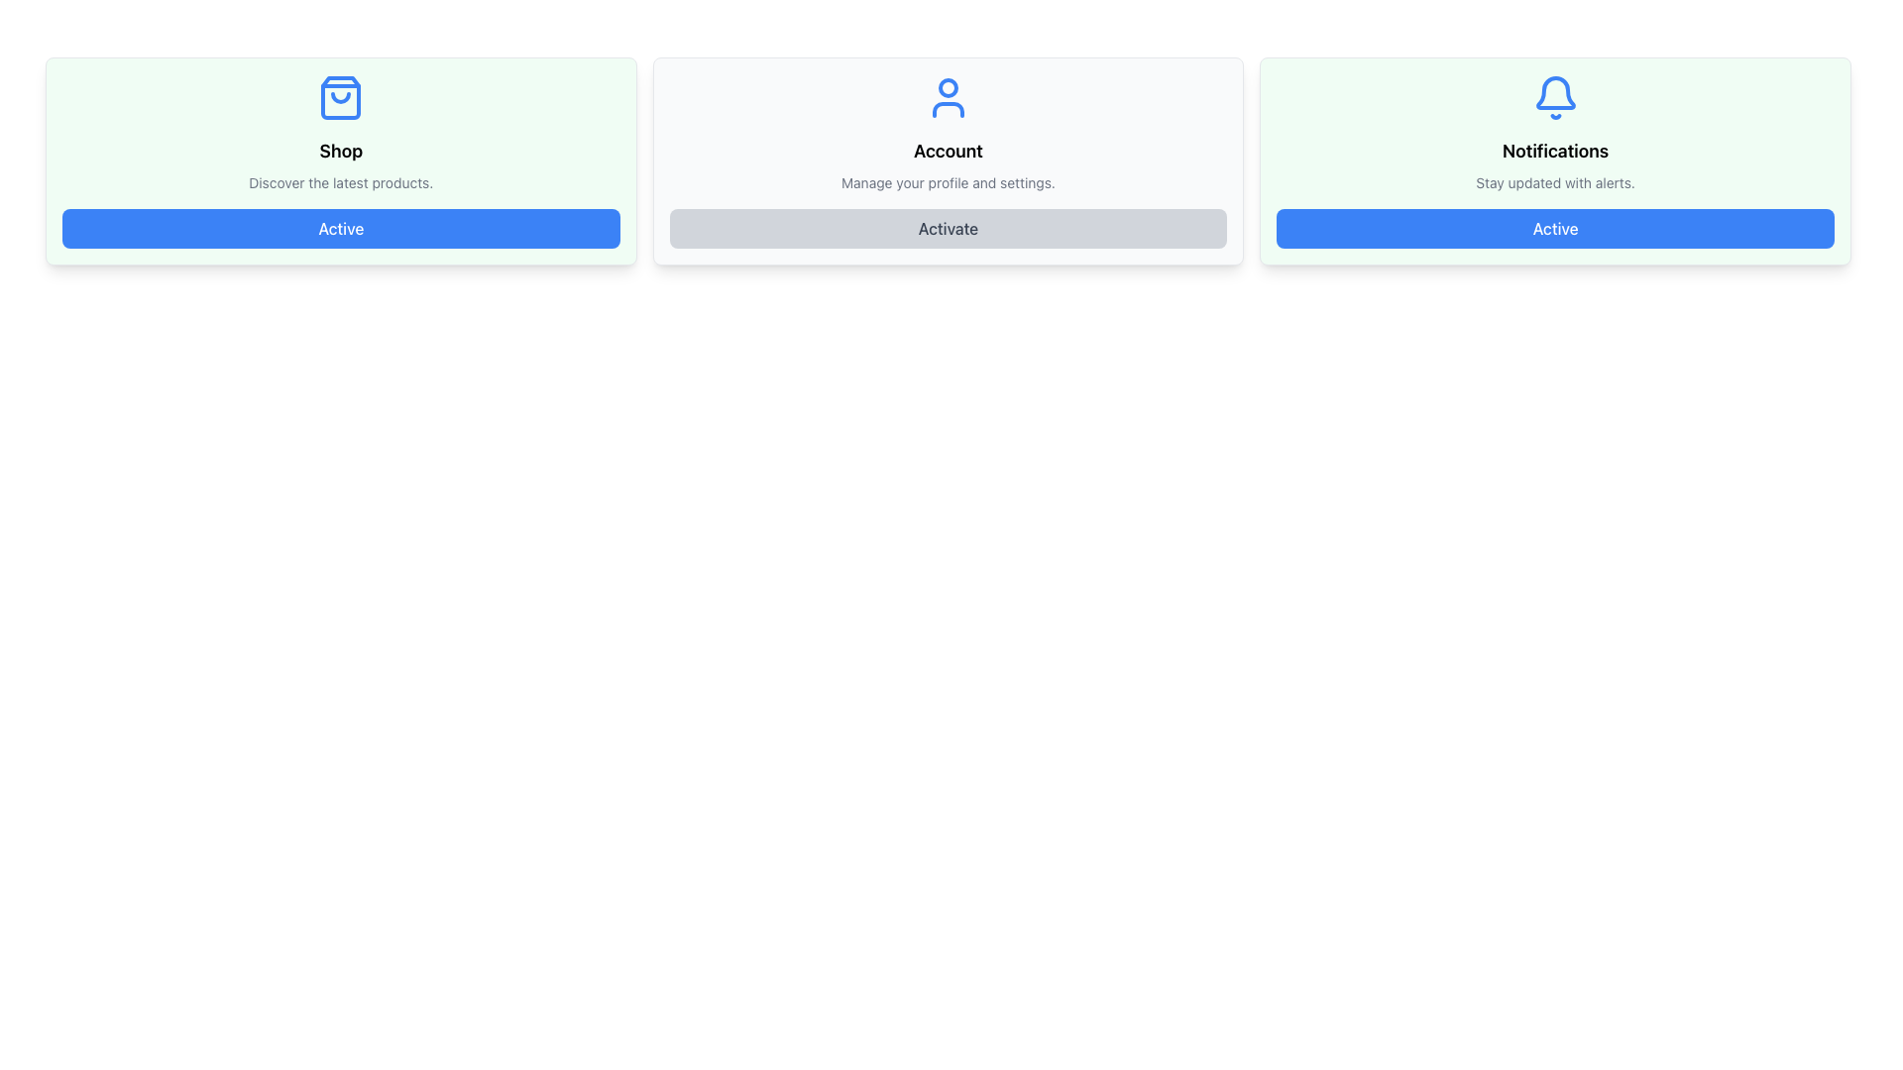  What do you see at coordinates (341, 98) in the screenshot?
I see `the decorative graphic/icon located at the topmost segment of the 'Shop' card, which represents the associated functionality` at bounding box center [341, 98].